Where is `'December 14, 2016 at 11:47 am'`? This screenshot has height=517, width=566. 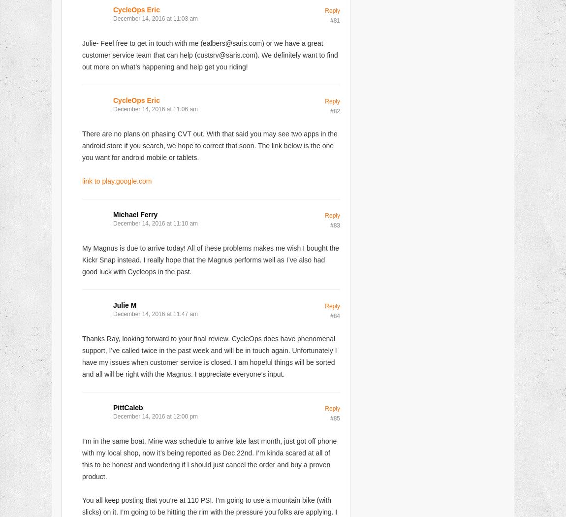 'December 14, 2016 at 11:47 am' is located at coordinates (156, 314).